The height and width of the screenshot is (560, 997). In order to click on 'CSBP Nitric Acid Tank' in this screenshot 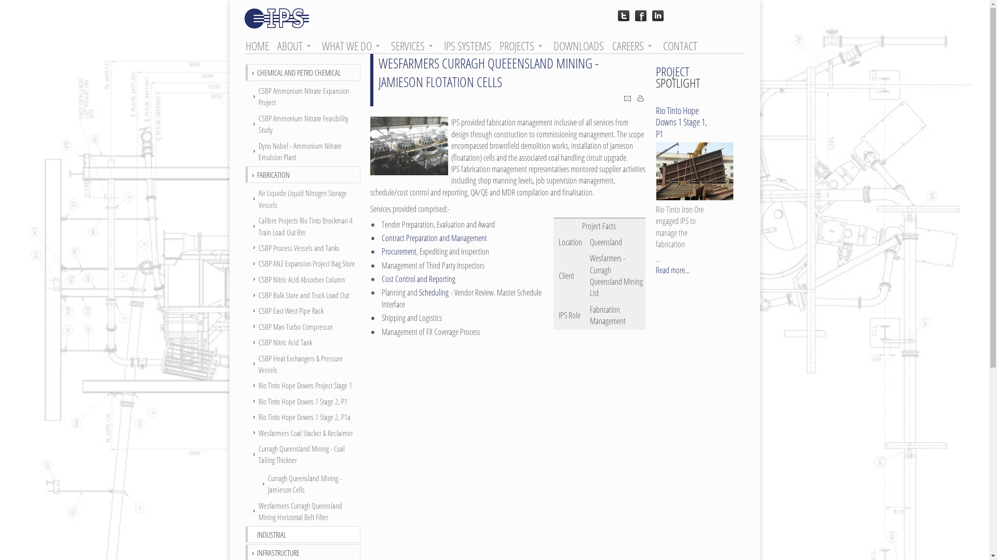, I will do `click(303, 342)`.